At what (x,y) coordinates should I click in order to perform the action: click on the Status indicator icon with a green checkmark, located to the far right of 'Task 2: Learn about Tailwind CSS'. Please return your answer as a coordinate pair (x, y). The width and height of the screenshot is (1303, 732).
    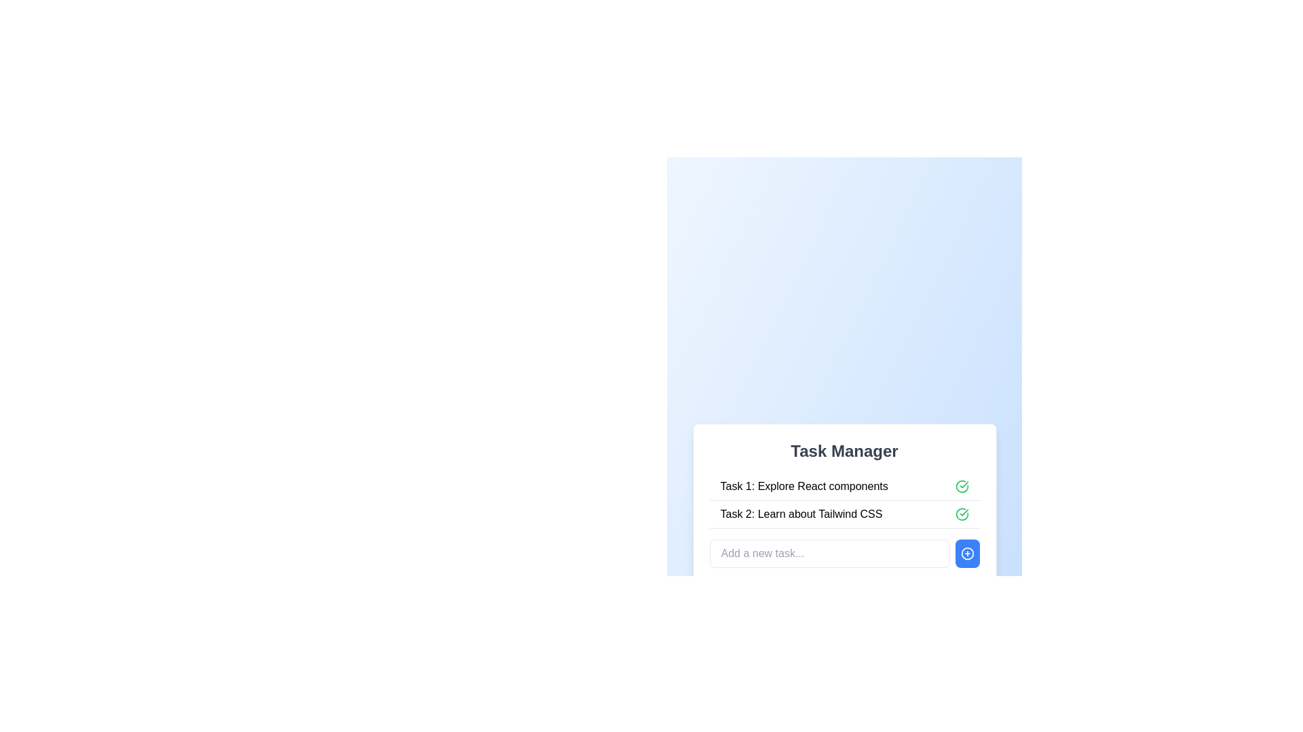
    Looking at the image, I should click on (961, 514).